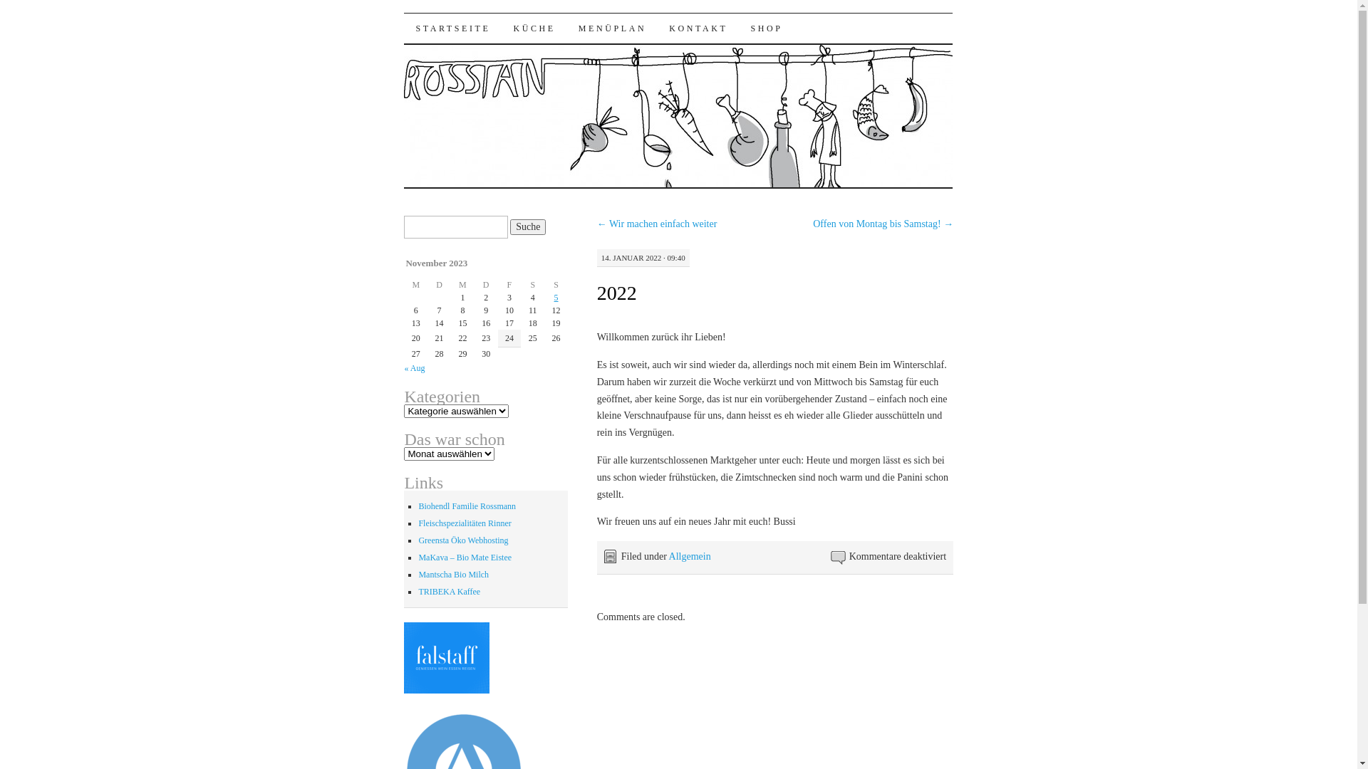  Describe the element at coordinates (448, 591) in the screenshot. I see `'TRIBEKA Kaffee'` at that location.